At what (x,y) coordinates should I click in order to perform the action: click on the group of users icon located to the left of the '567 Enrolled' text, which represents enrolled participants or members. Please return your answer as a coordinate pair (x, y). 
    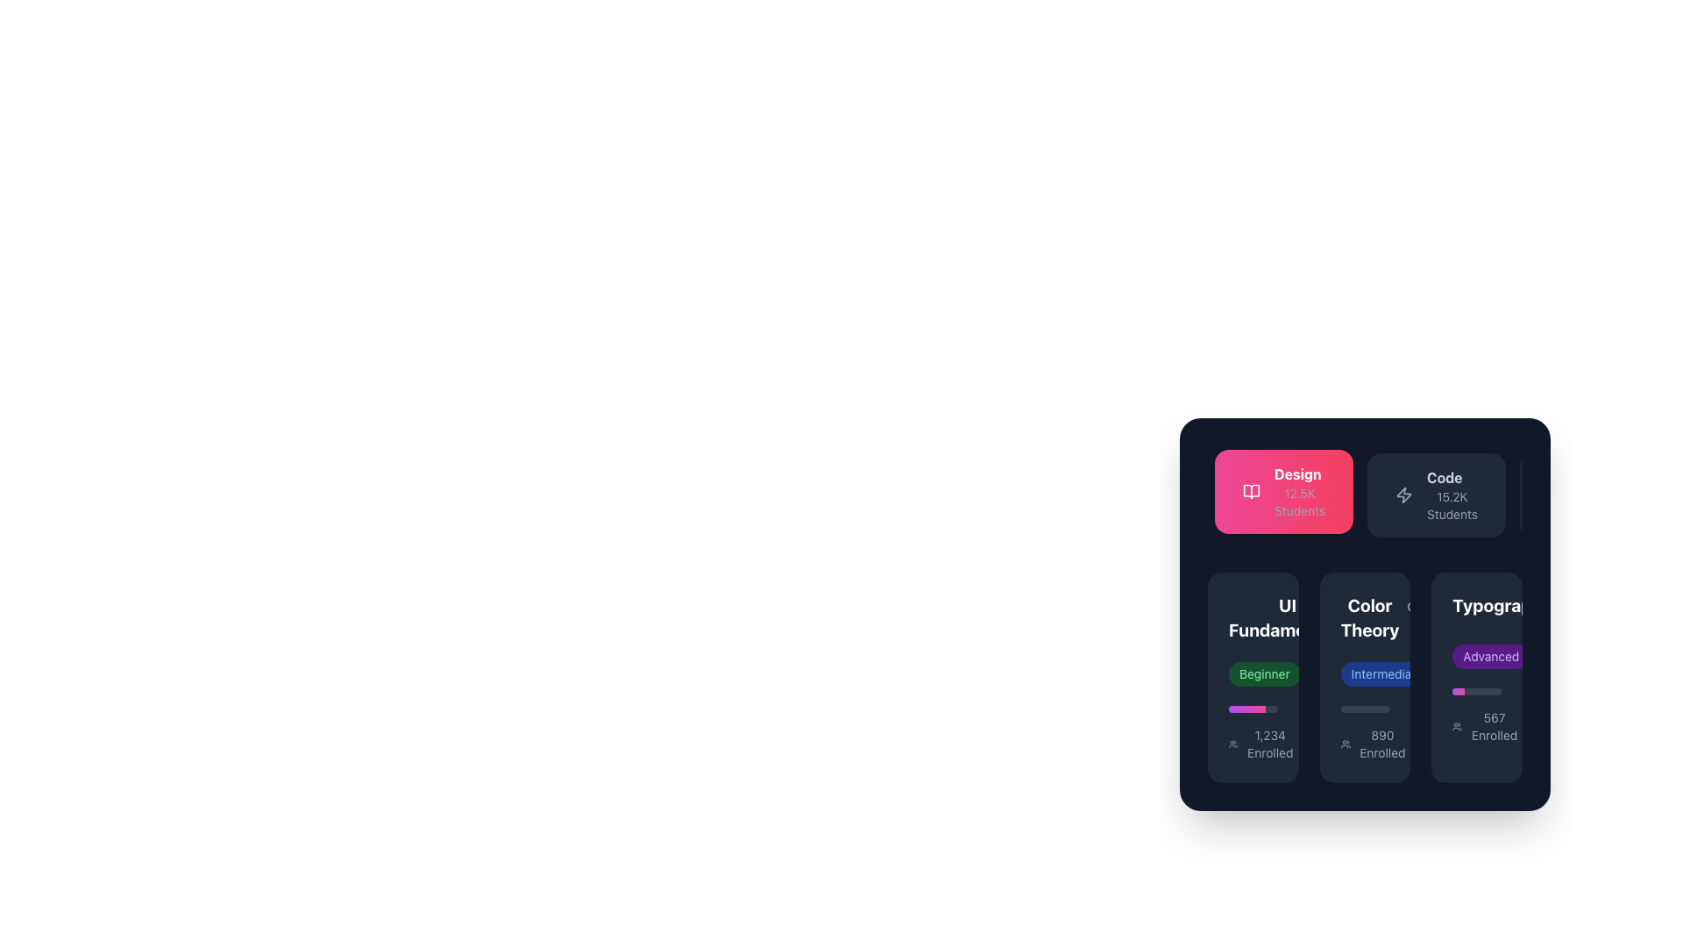
    Looking at the image, I should click on (1457, 727).